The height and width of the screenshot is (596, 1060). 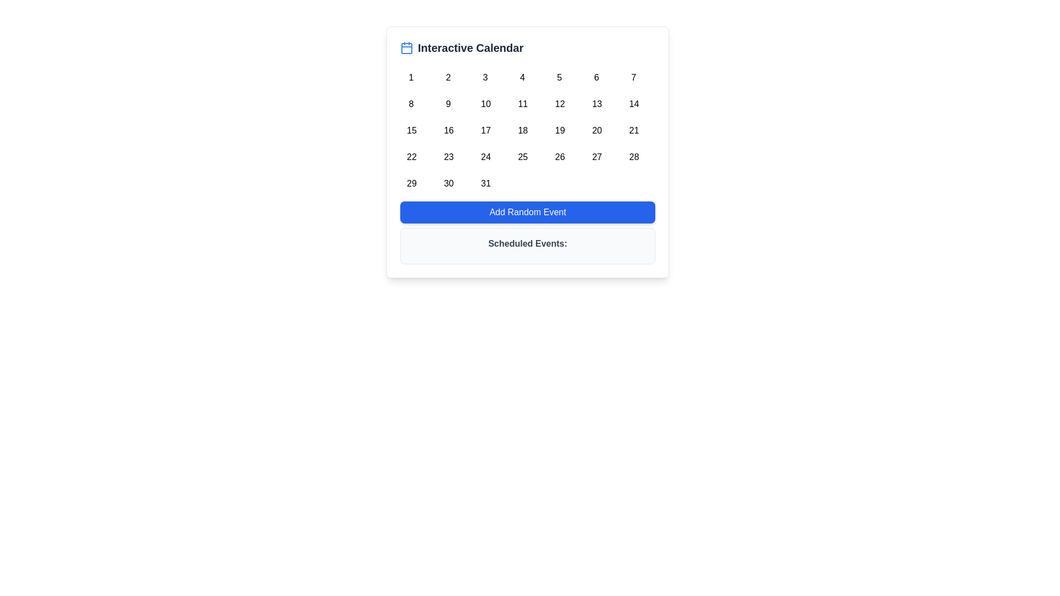 I want to click on the square button containing the numeric character '3' in the Interactive Calendar, so click(x=485, y=75).